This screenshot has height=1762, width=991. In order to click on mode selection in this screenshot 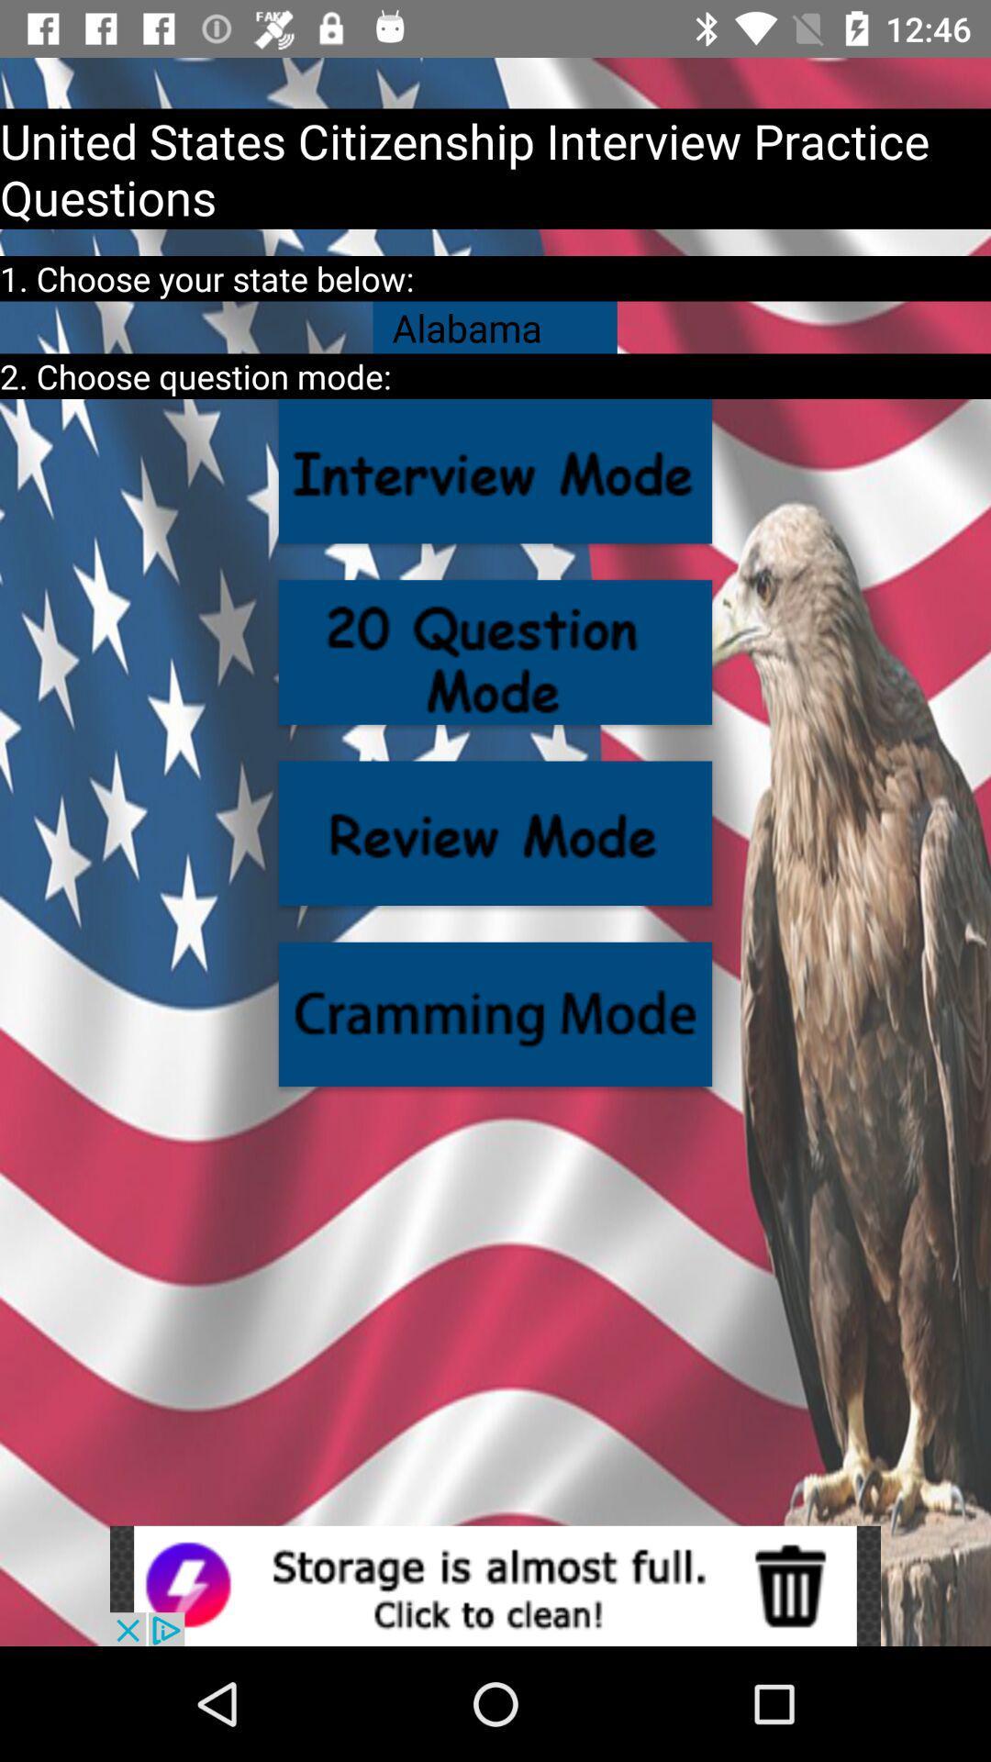, I will do `click(495, 1013)`.